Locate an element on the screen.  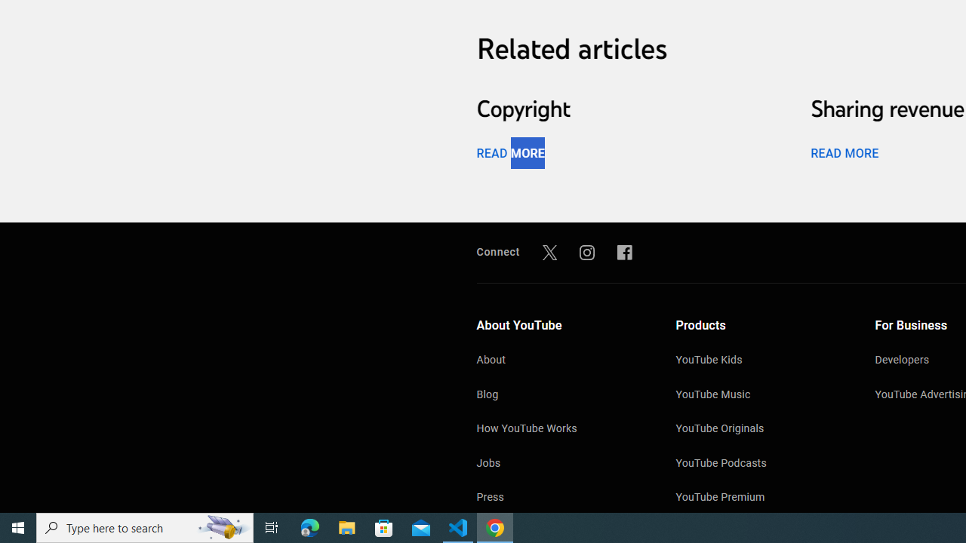
'Jobs' is located at coordinates (560, 464).